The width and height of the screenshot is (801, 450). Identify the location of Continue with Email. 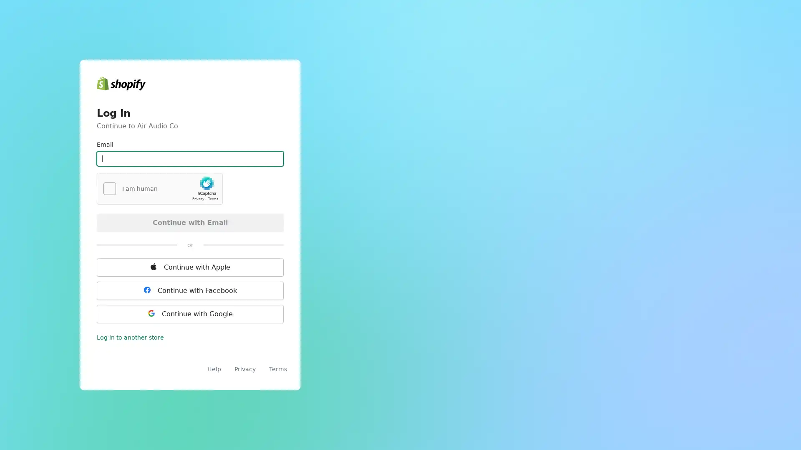
(190, 222).